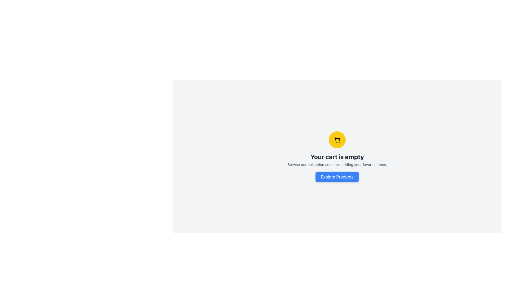  Describe the element at coordinates (337, 164) in the screenshot. I see `the static text displaying 'Browse our collection and start adding your favorite items.' which is located below the heading 'Your cart is empty' and above the blue button 'Explore Products'` at that location.